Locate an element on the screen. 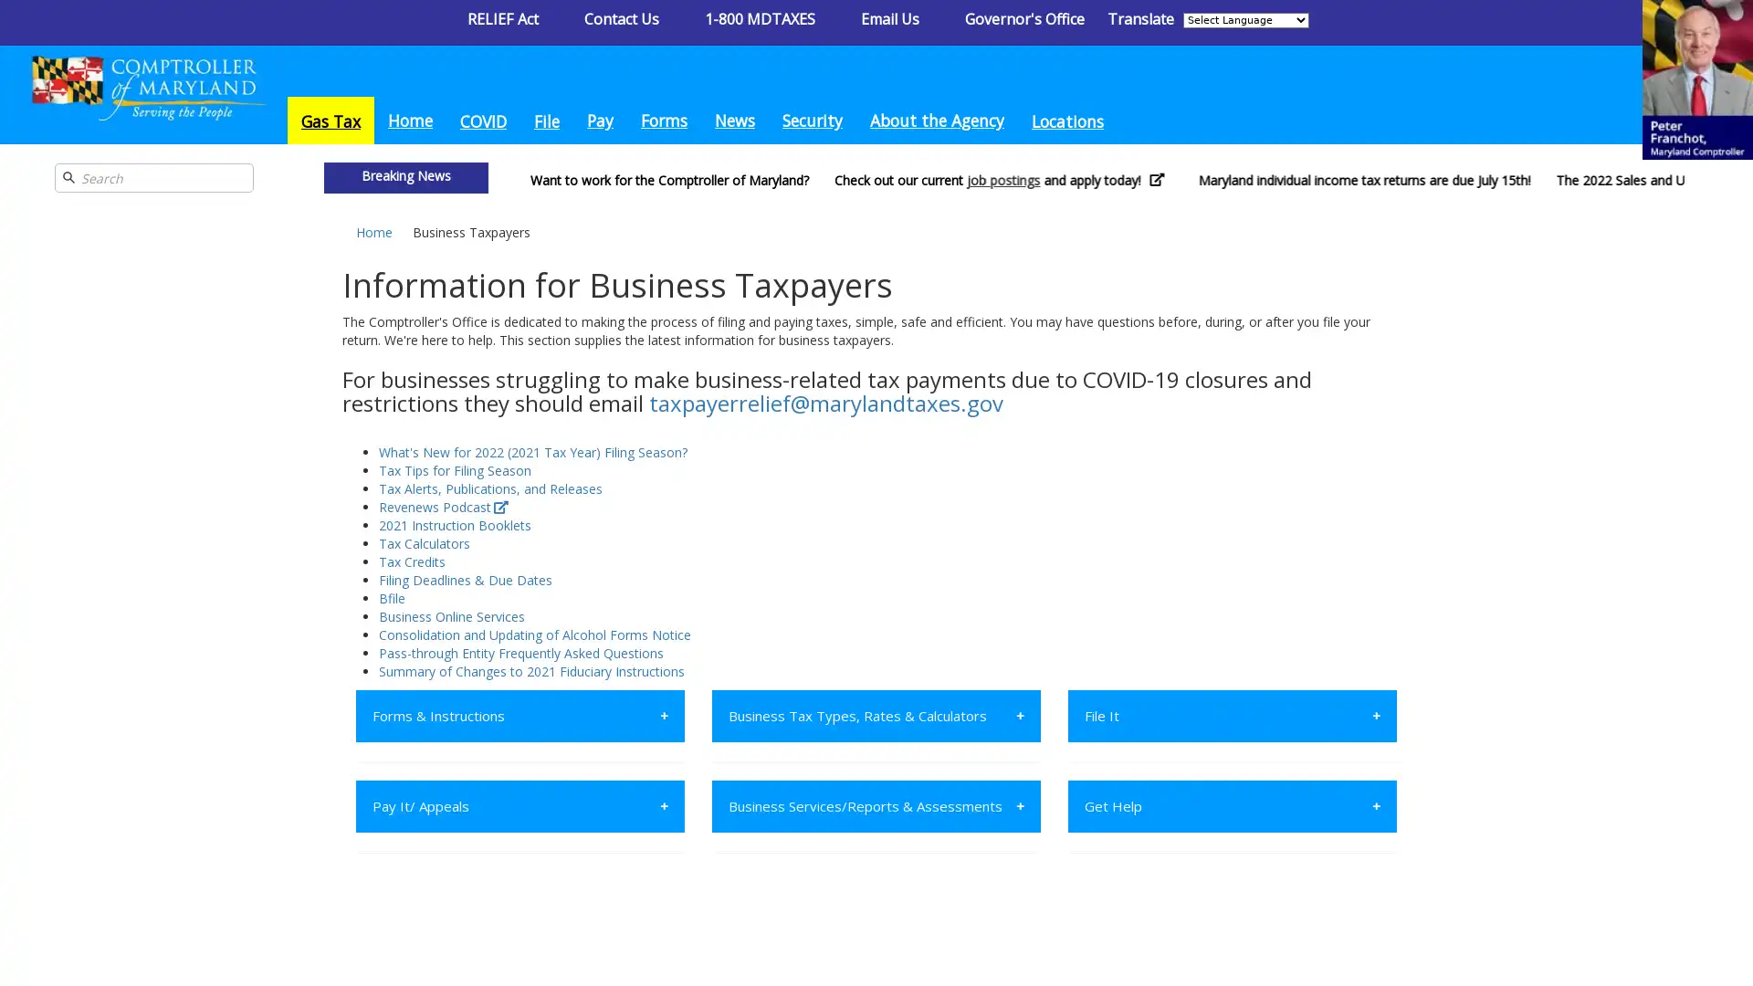 The width and height of the screenshot is (1753, 986). Forms & Instructions + is located at coordinates (520, 714).